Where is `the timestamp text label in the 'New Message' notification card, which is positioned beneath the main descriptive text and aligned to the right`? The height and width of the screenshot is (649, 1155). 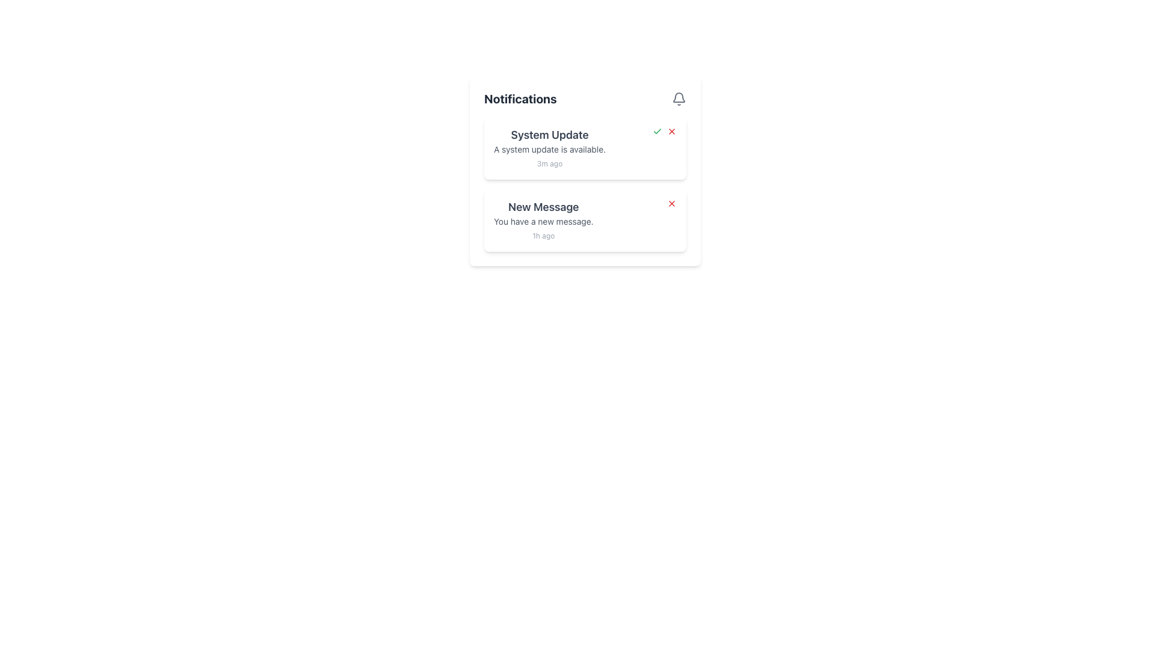
the timestamp text label in the 'New Message' notification card, which is positioned beneath the main descriptive text and aligned to the right is located at coordinates (543, 236).